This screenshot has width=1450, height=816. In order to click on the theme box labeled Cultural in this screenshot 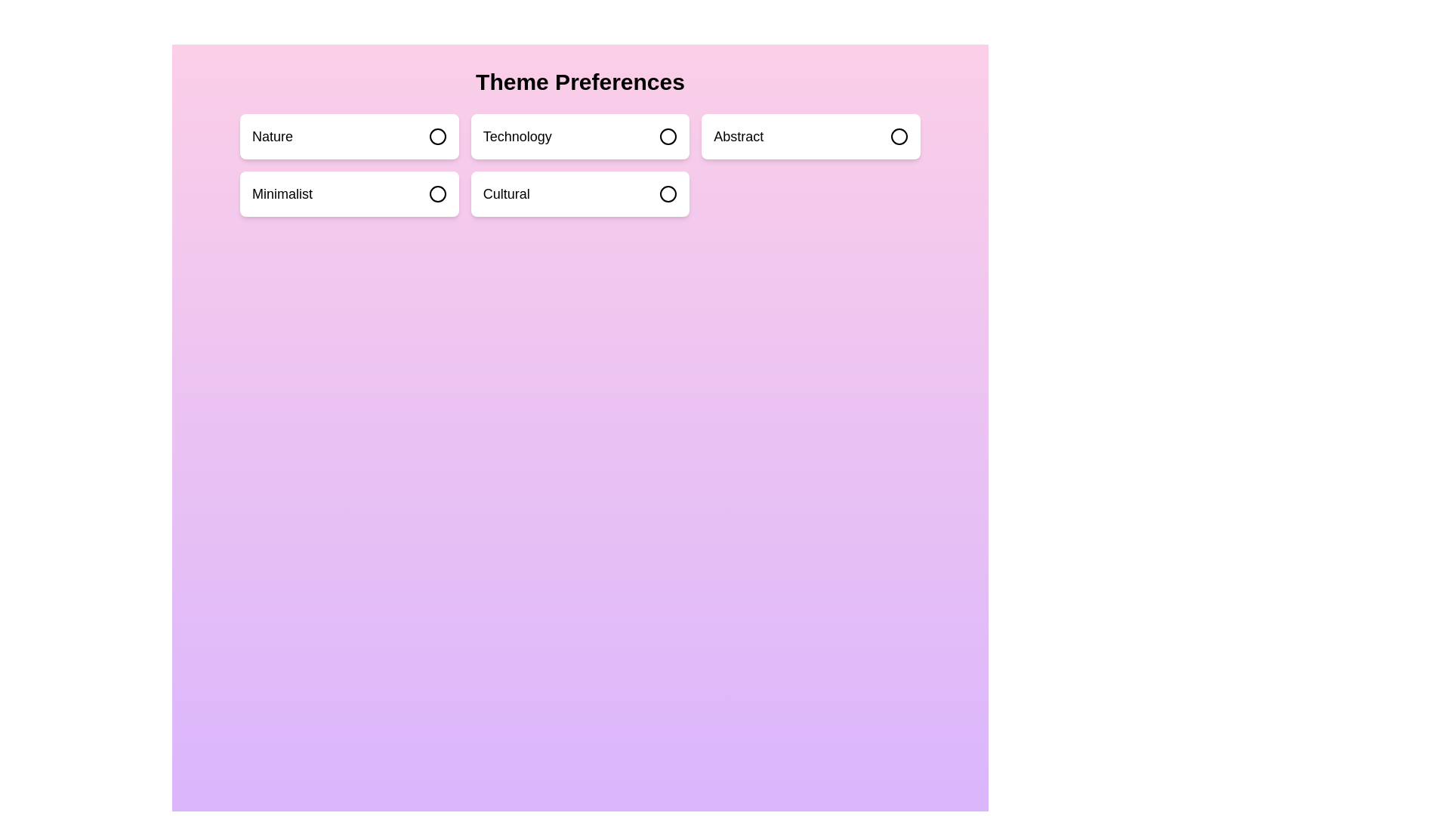, I will do `click(579, 193)`.